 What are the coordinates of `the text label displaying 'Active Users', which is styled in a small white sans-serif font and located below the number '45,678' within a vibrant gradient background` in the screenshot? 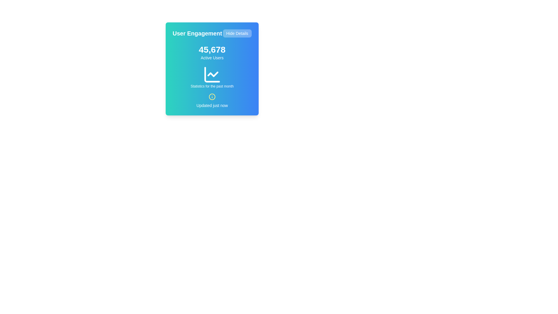 It's located at (212, 58).